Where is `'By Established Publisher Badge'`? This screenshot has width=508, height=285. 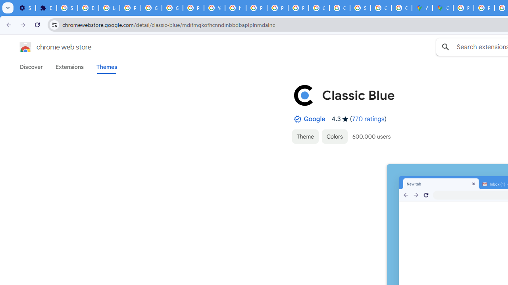 'By Established Publisher Badge' is located at coordinates (297, 119).